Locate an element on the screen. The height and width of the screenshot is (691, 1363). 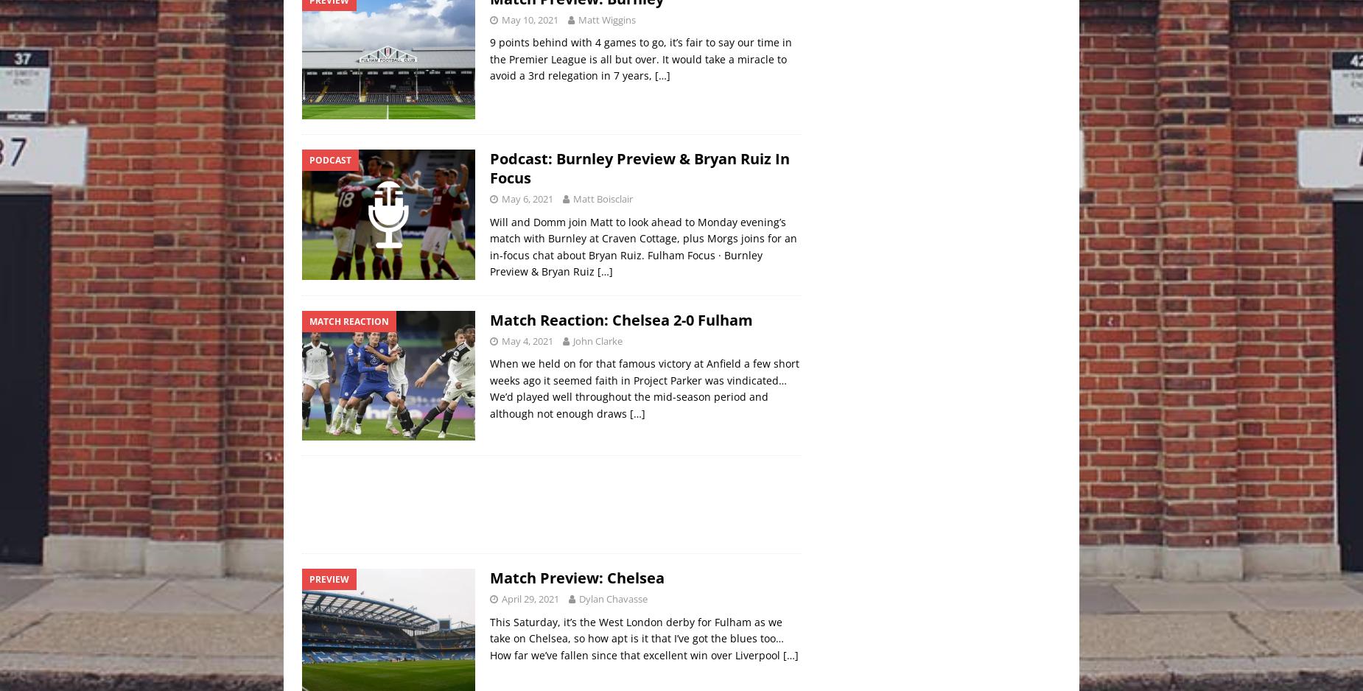
'Match Reaction: Chelsea 2-0 Fulham' is located at coordinates (621, 319).